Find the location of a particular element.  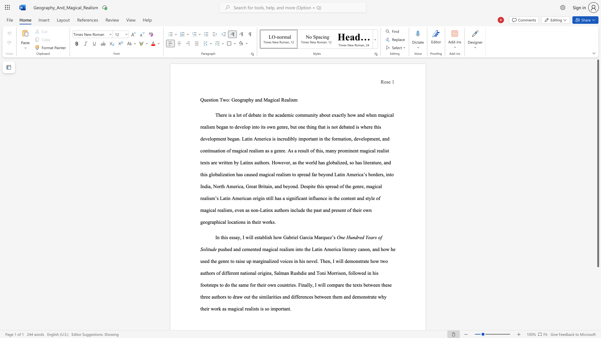

the right-hand scrollbar to descend the page is located at coordinates (598, 322).